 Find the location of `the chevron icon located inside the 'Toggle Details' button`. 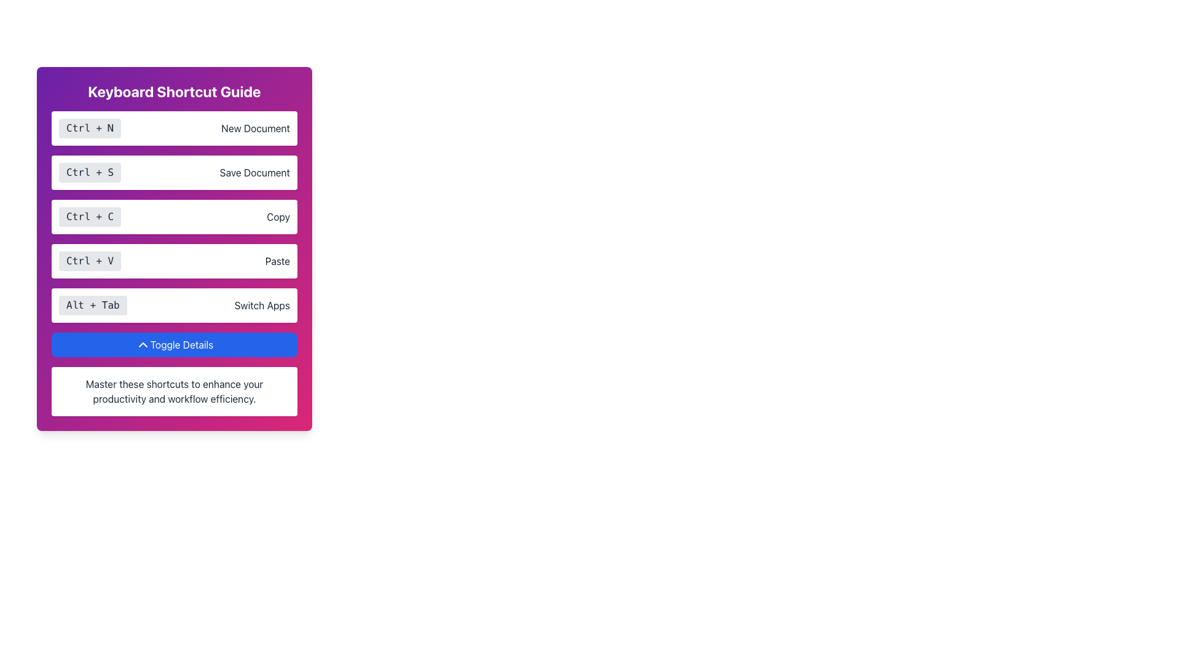

the chevron icon located inside the 'Toggle Details' button is located at coordinates (143, 344).